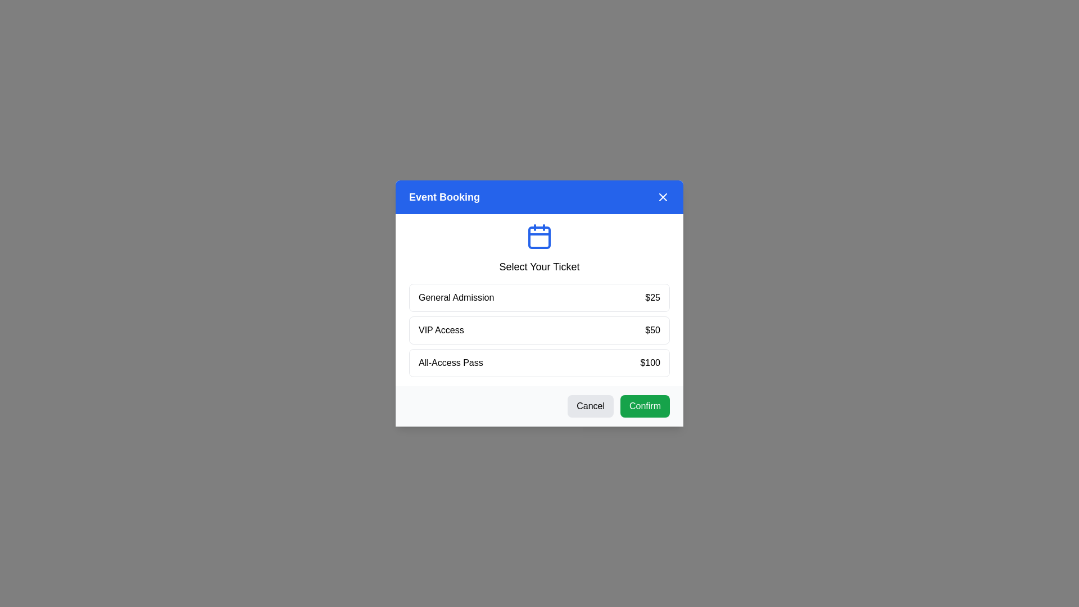 This screenshot has width=1079, height=607. What do you see at coordinates (652, 297) in the screenshot?
I see `the Text Label indicating the price of the 'General Admission' ticket option, which is aligned to the right side of the top ticket category row` at bounding box center [652, 297].